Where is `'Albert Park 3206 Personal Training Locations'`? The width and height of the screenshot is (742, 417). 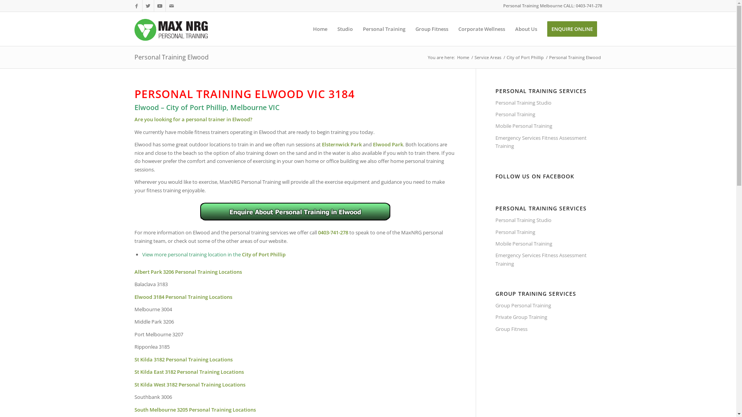 'Albert Park 3206 Personal Training Locations' is located at coordinates (188, 271).